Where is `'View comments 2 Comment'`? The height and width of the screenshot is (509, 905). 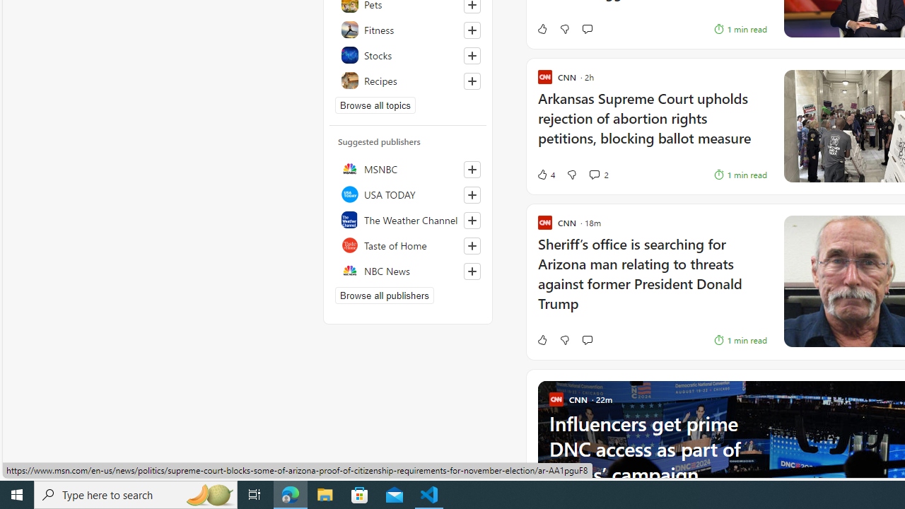
'View comments 2 Comment' is located at coordinates (598, 173).